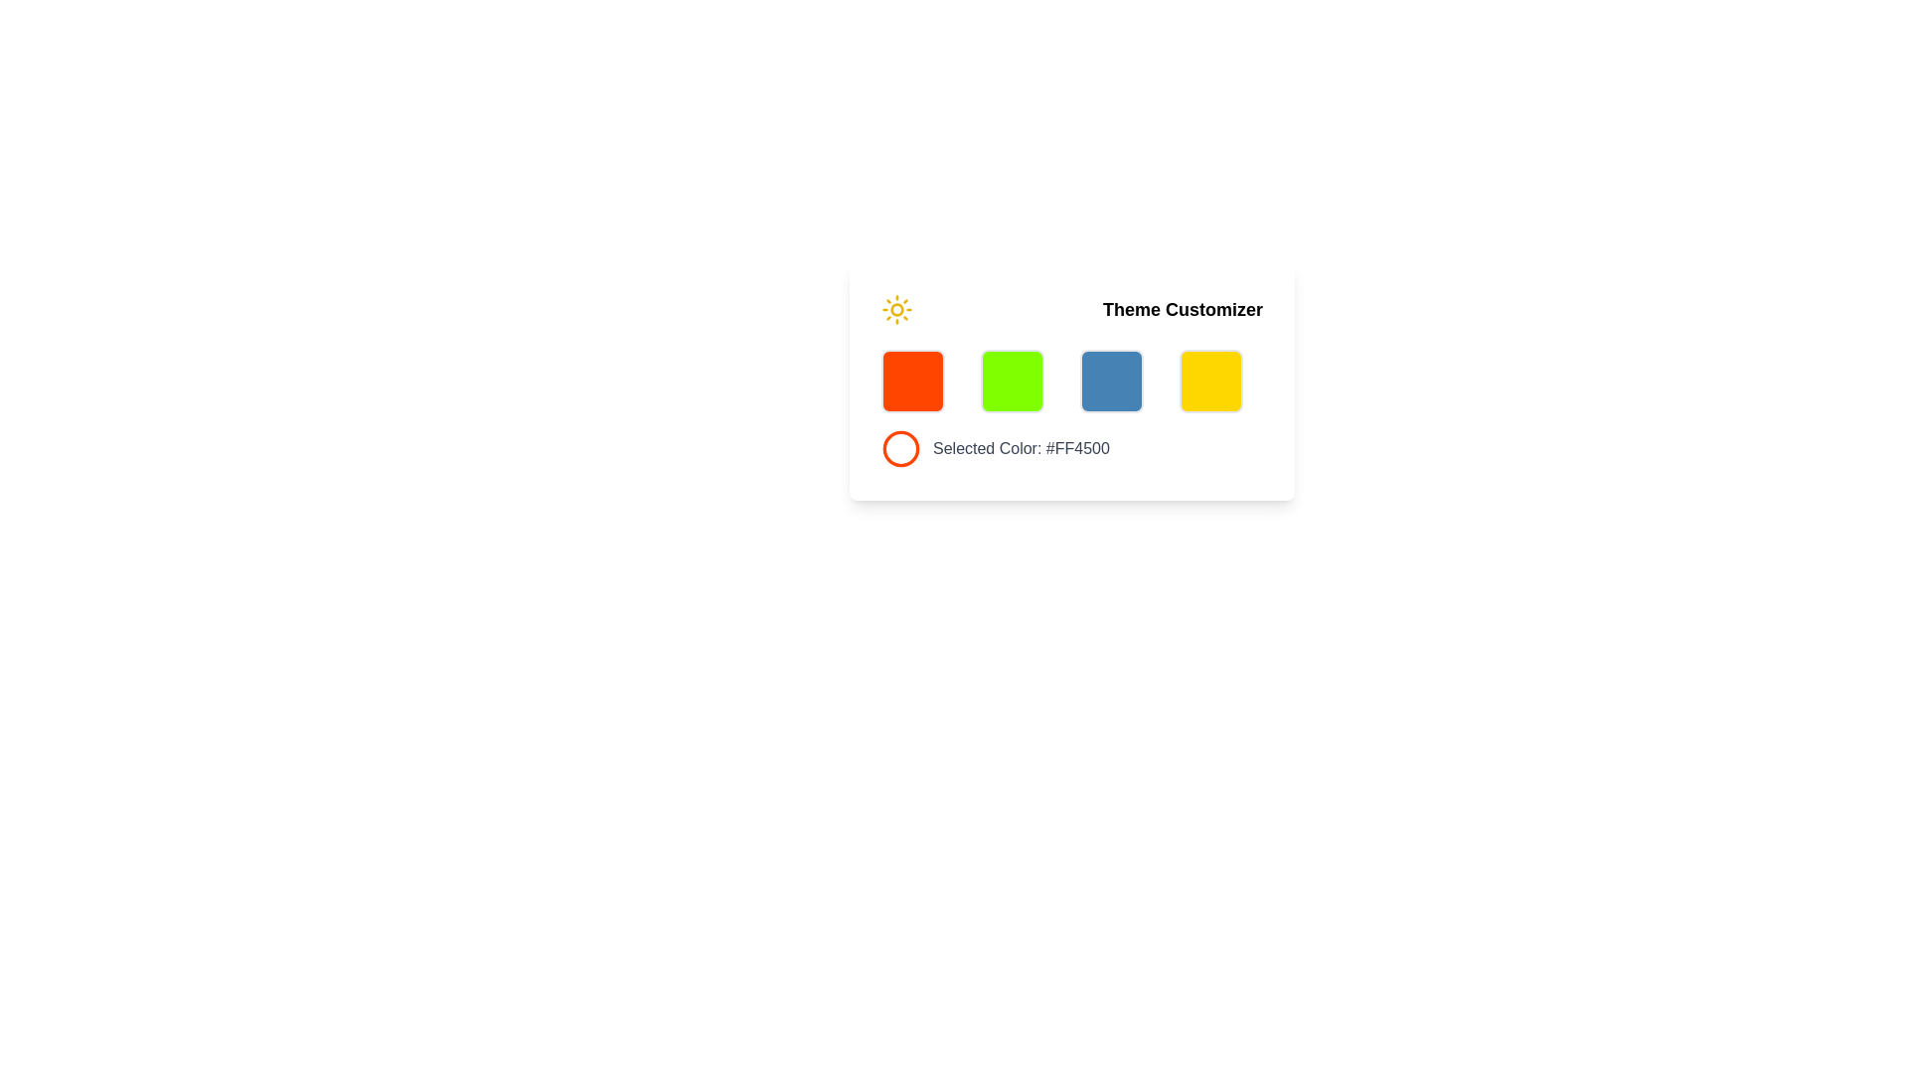 Image resolution: width=1908 pixels, height=1073 pixels. What do you see at coordinates (1012, 382) in the screenshot?
I see `the second button from the left` at bounding box center [1012, 382].